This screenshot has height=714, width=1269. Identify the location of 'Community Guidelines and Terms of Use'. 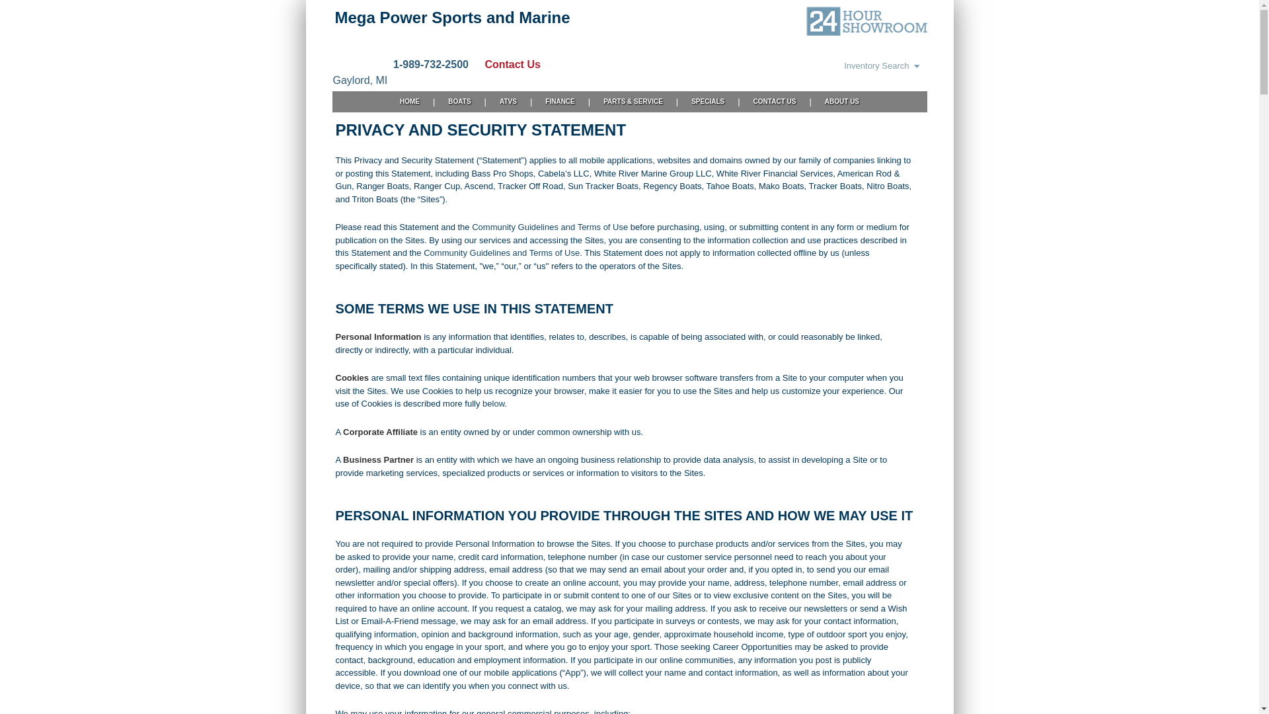
(549, 226).